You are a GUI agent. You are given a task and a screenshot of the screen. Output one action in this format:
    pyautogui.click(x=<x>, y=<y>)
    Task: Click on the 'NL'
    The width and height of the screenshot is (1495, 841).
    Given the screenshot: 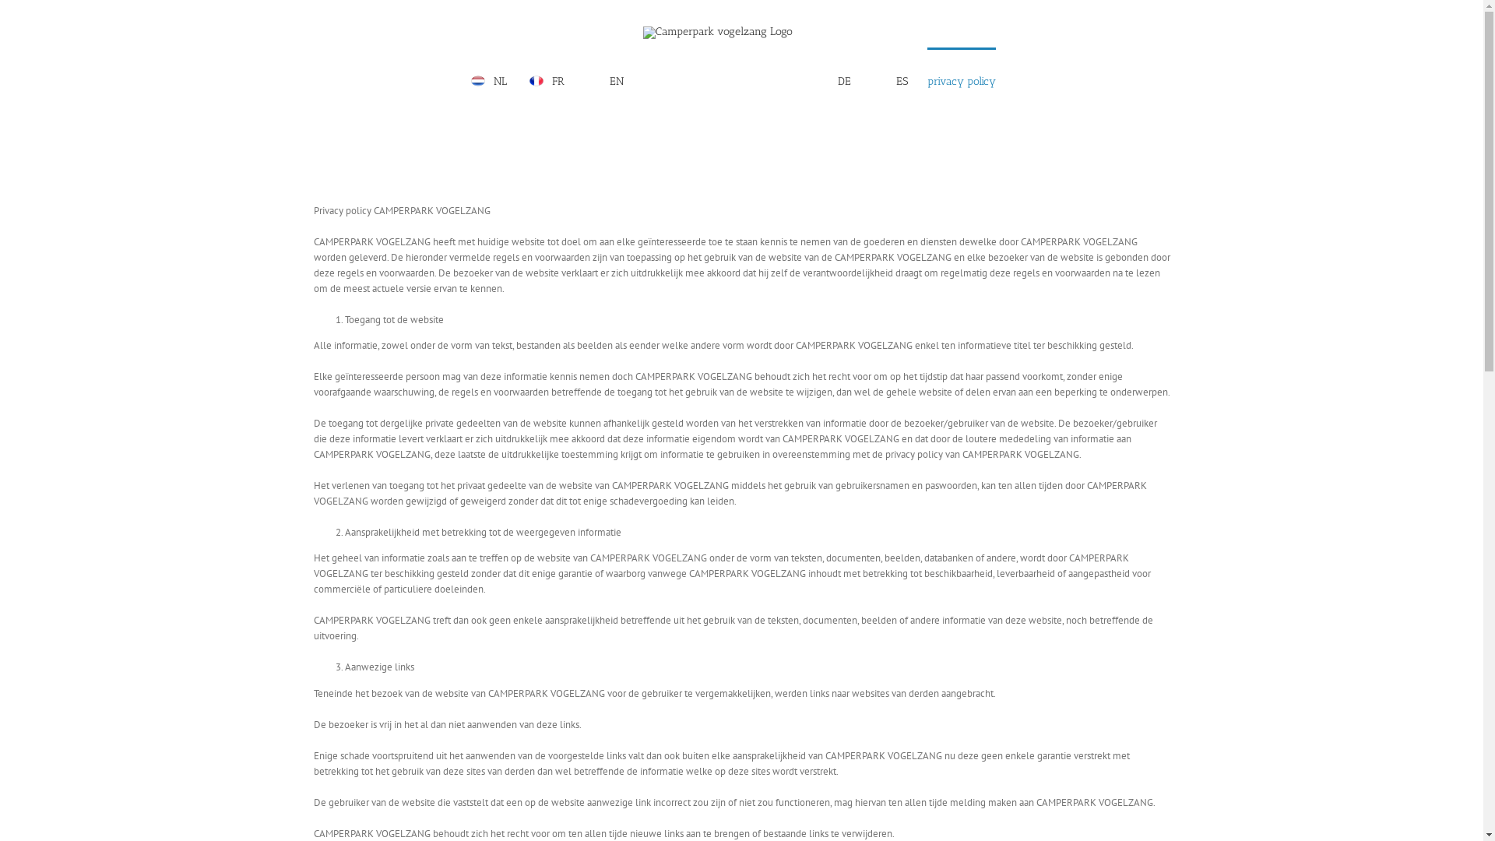 What is the action you would take?
    pyautogui.click(x=486, y=80)
    